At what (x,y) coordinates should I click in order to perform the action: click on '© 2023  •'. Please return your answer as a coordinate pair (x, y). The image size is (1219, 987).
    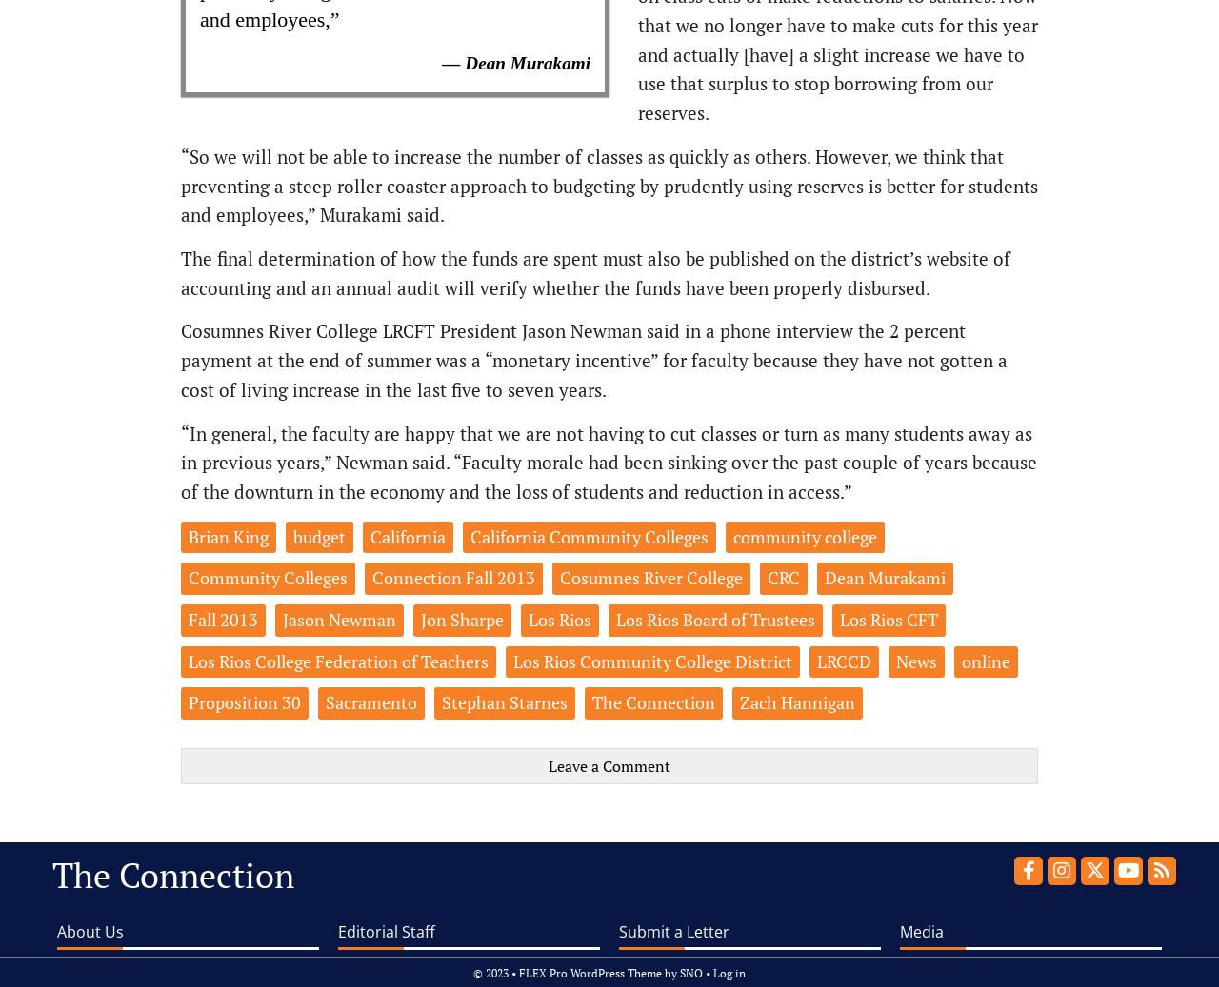
    Looking at the image, I should click on (495, 972).